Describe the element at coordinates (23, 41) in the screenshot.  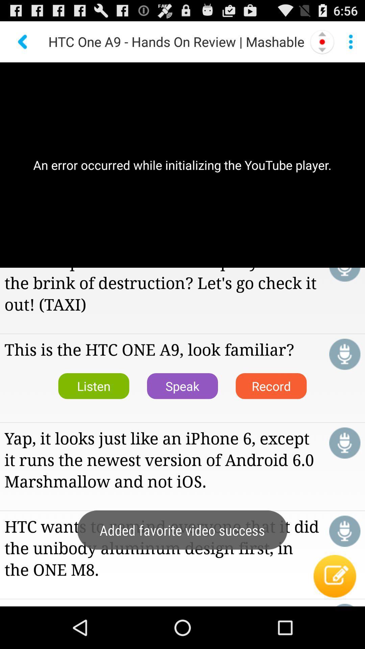
I see `back button` at that location.